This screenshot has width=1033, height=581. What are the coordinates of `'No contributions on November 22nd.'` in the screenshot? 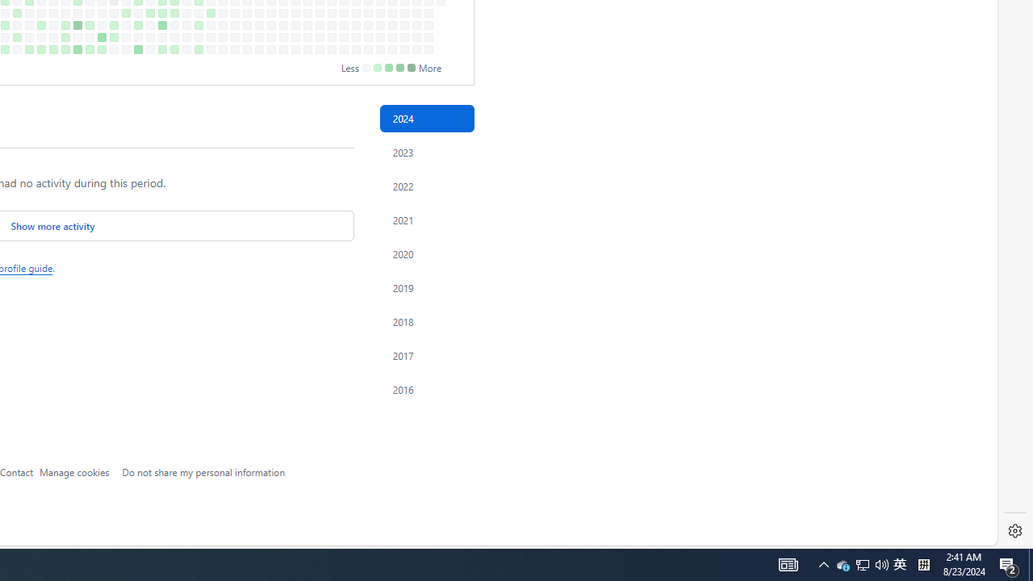 It's located at (367, 36).